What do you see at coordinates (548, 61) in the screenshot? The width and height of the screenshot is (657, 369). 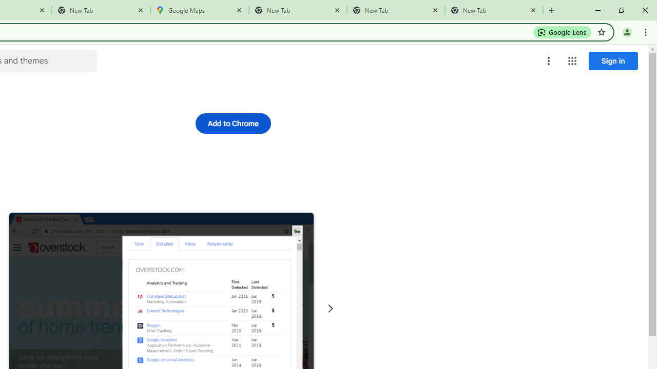 I see `'More options menu'` at bounding box center [548, 61].